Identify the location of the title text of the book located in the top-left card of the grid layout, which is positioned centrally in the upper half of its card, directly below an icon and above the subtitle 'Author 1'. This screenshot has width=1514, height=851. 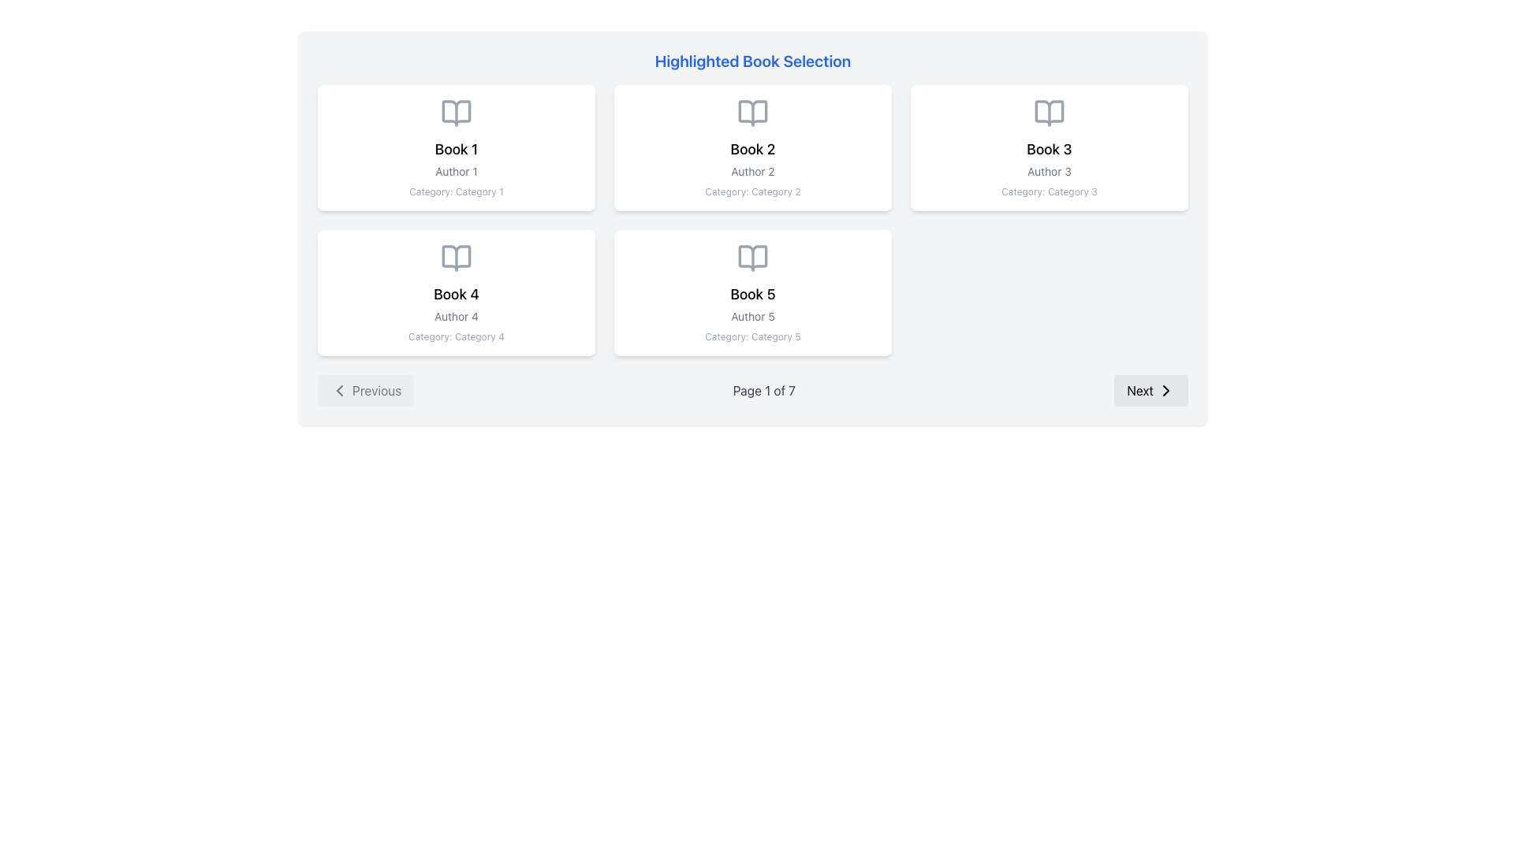
(456, 149).